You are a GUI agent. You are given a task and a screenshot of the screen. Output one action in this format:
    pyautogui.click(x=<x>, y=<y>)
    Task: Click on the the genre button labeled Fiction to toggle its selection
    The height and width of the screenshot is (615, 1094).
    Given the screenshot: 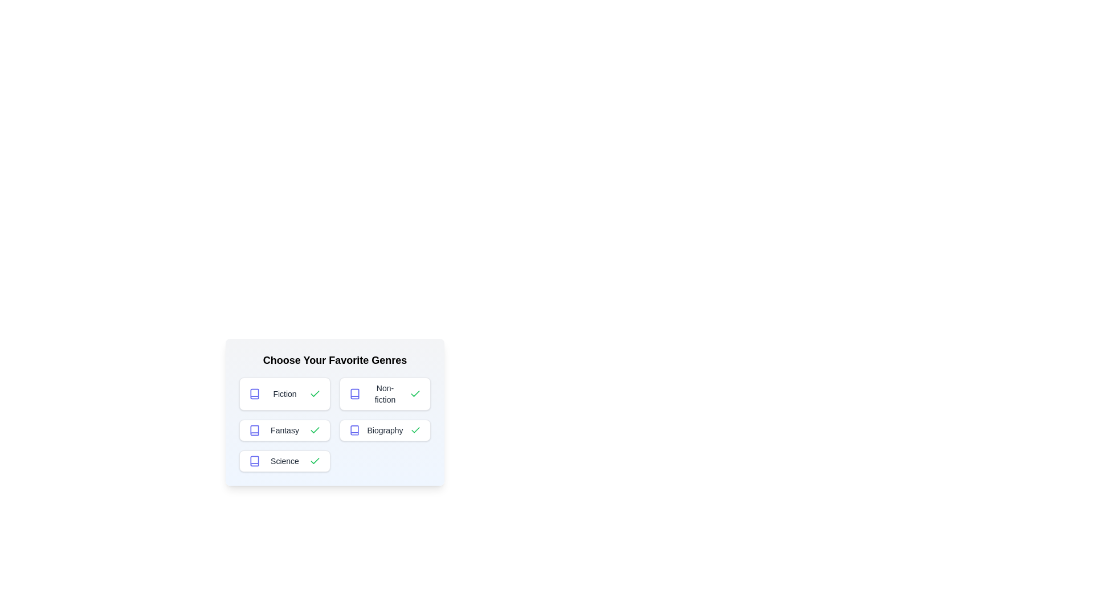 What is the action you would take?
    pyautogui.click(x=284, y=393)
    